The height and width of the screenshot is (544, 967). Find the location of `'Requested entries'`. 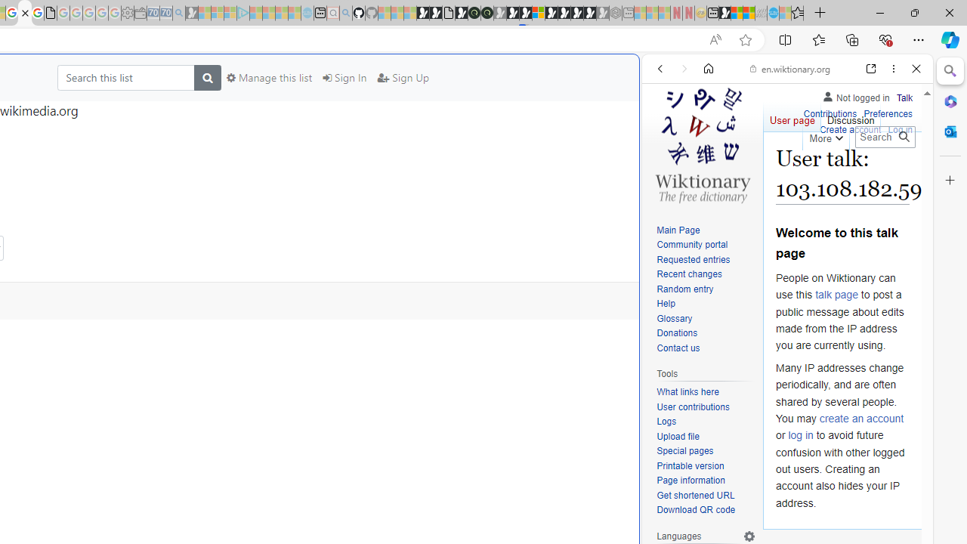

'Requested entries' is located at coordinates (706, 259).